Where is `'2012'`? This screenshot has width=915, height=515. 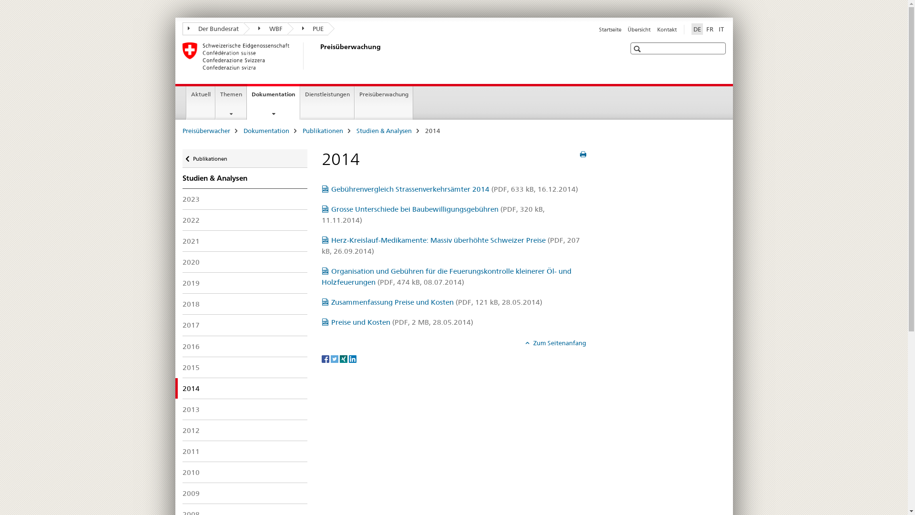
'2012' is located at coordinates (244, 430).